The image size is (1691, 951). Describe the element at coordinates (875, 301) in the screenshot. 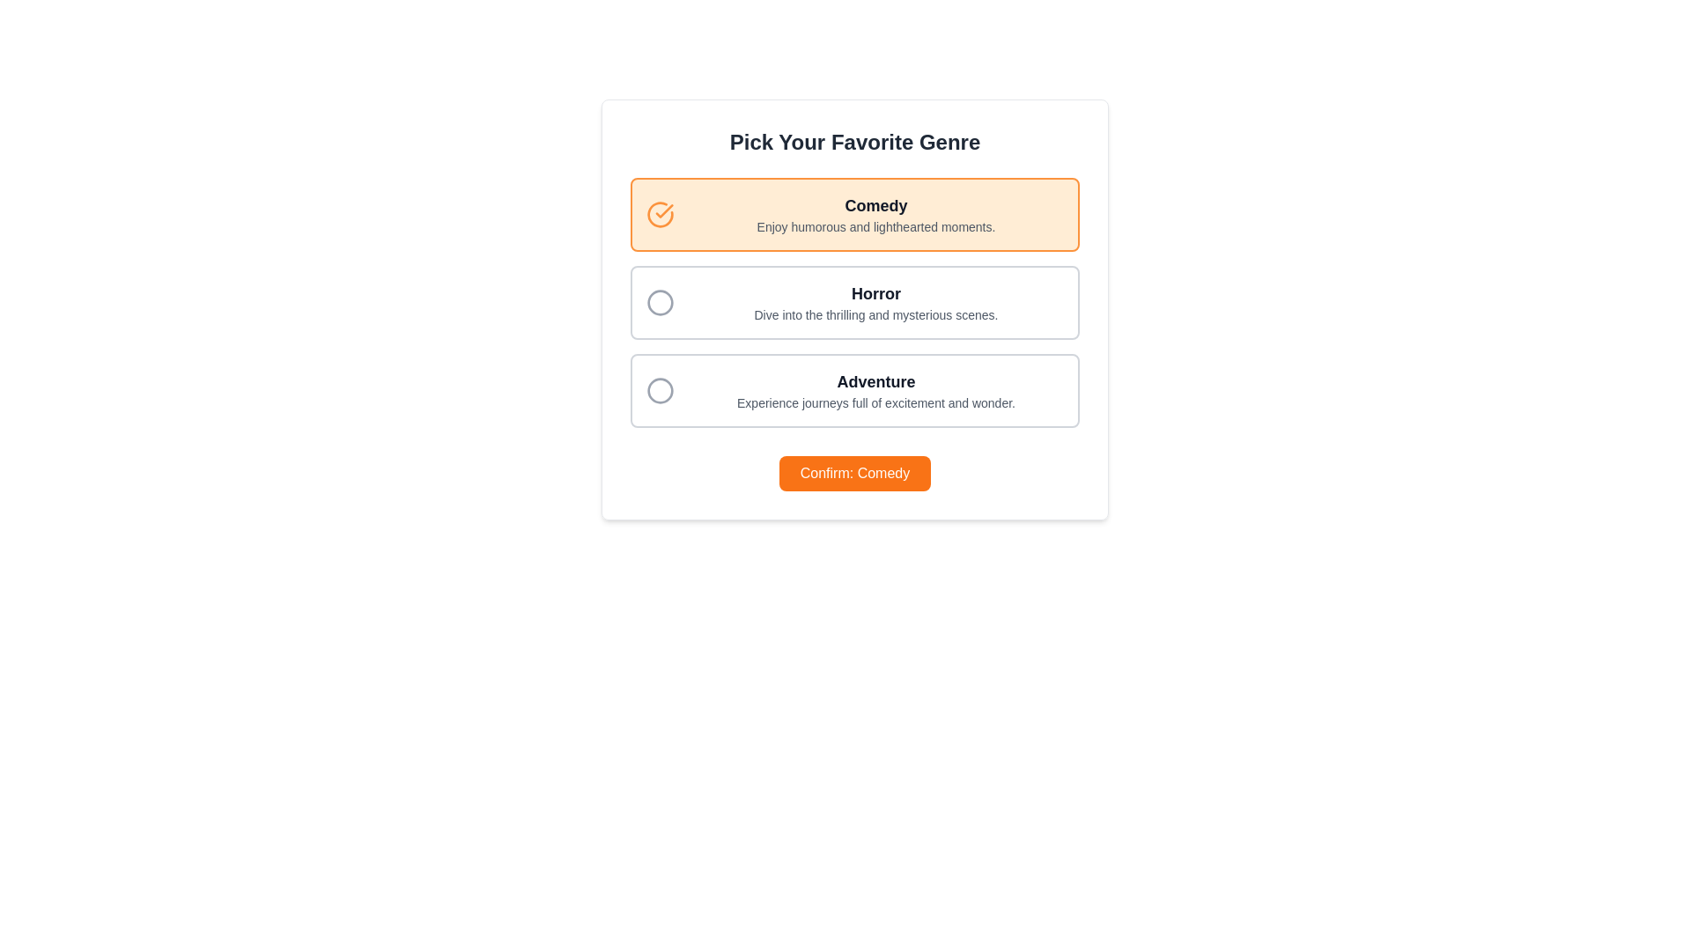

I see `the 'Horror' text label` at that location.